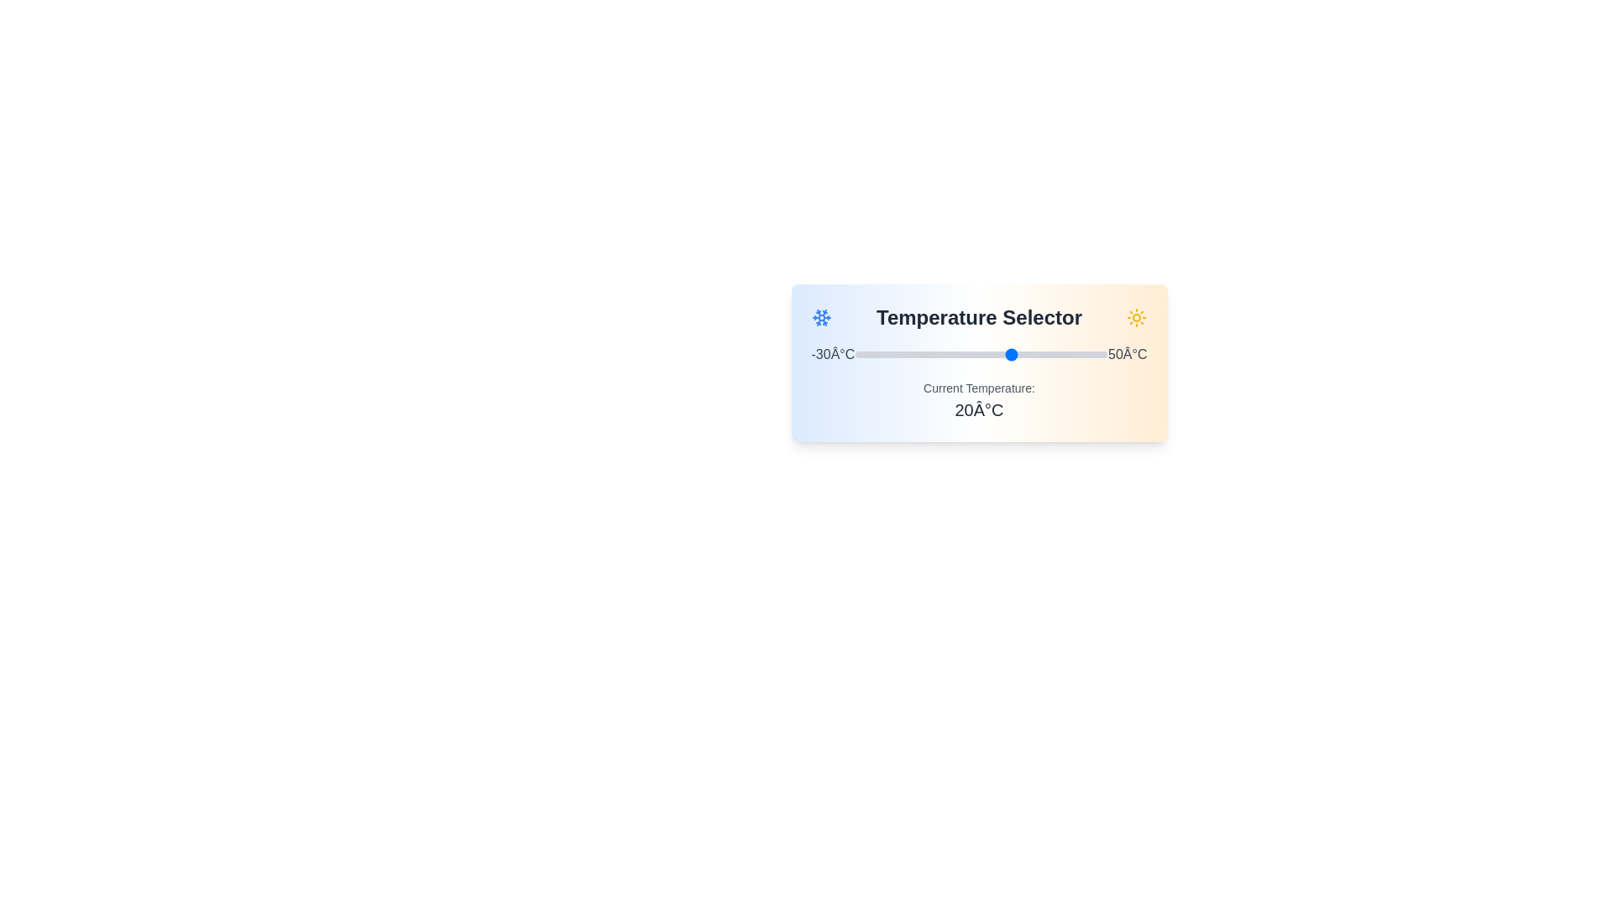 The height and width of the screenshot is (906, 1612). Describe the element at coordinates (1053, 354) in the screenshot. I see `the temperature` at that location.